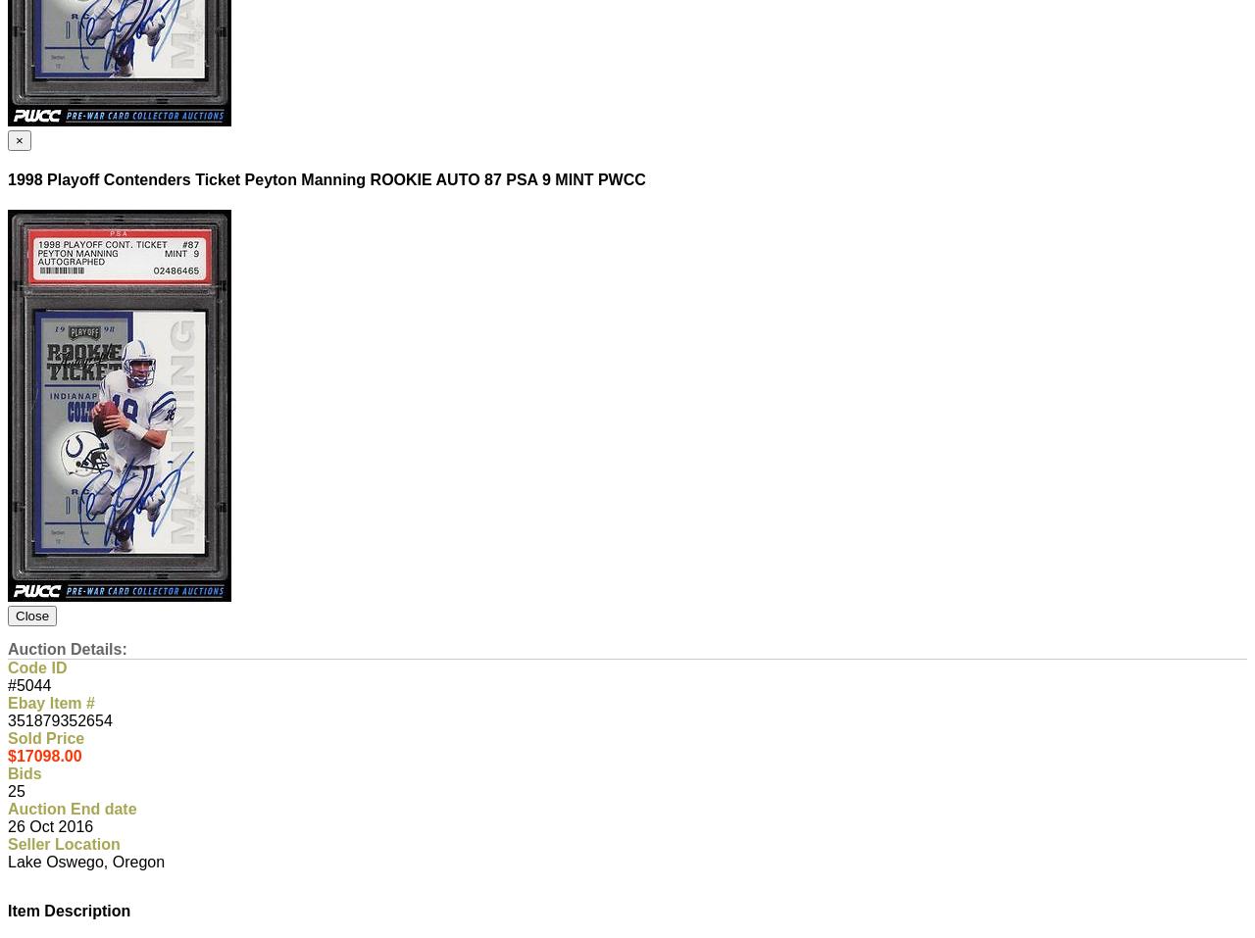  Describe the element at coordinates (326, 179) in the screenshot. I see `'1998 Playoff Contenders Ticket Peyton Manning ROOKIE AUTO 87 PSA 9 MINT PWCC'` at that location.